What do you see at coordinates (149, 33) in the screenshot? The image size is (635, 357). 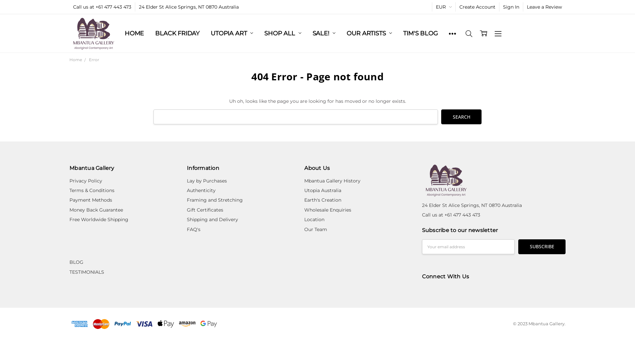 I see `'BLACK FRIDAY'` at bounding box center [149, 33].